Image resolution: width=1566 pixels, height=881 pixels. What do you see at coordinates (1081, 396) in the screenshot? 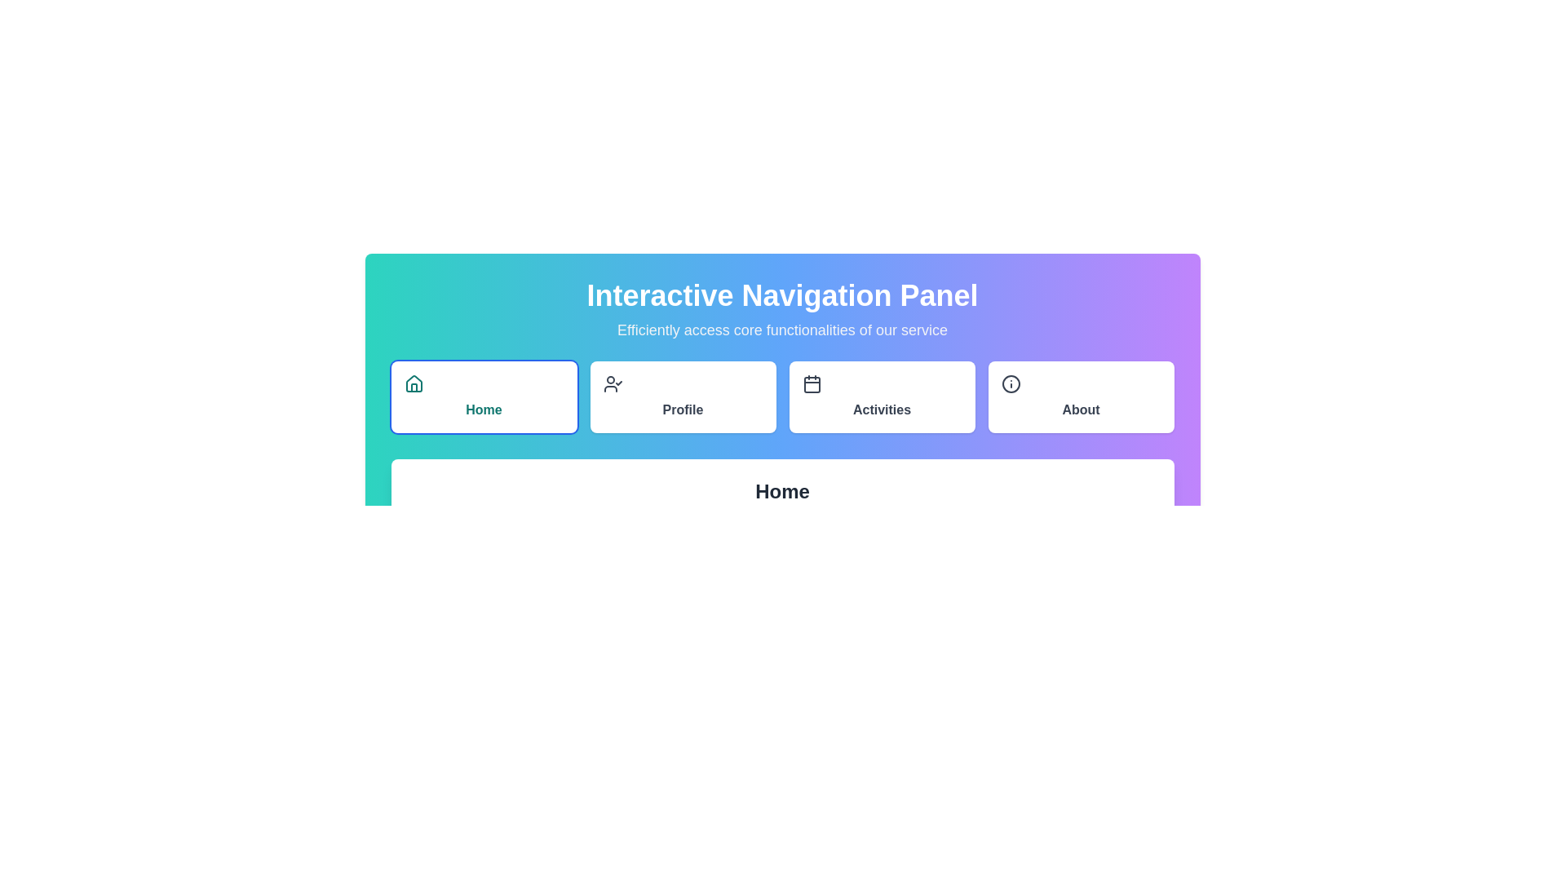
I see `the 'About' button, which is a rectangular button with a white background and an information icon, to observe style changes` at bounding box center [1081, 396].